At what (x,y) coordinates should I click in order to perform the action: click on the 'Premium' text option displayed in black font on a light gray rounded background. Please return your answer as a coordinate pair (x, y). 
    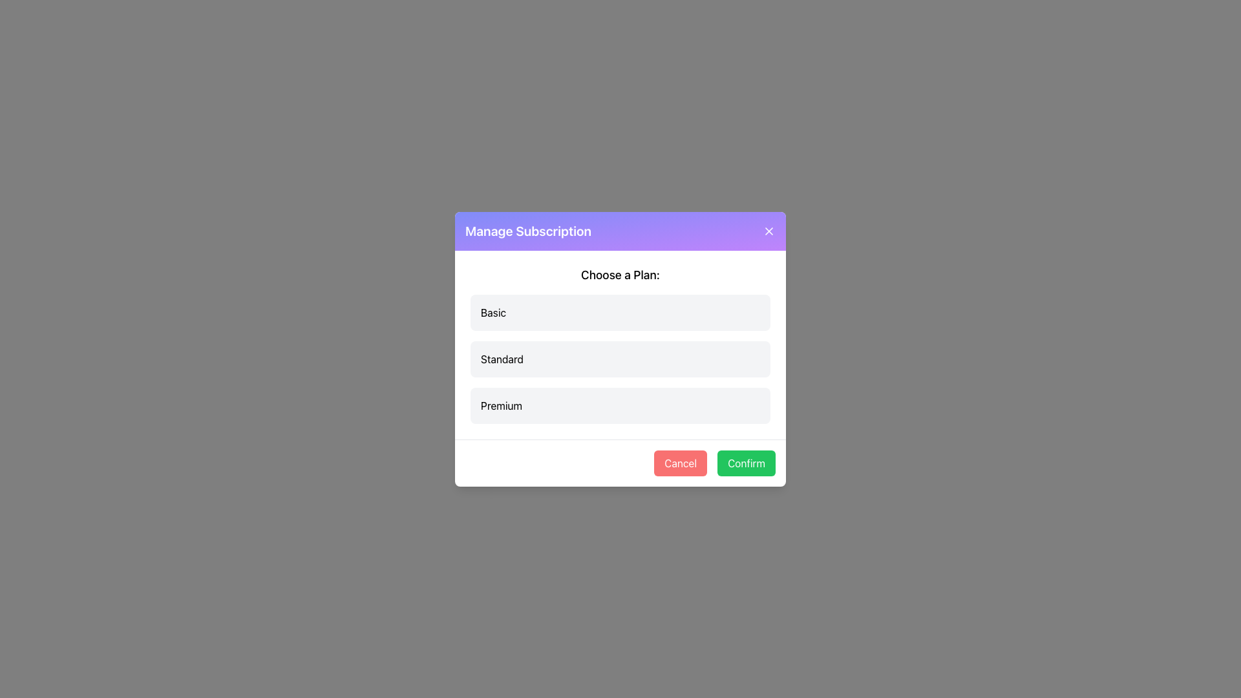
    Looking at the image, I should click on (501, 405).